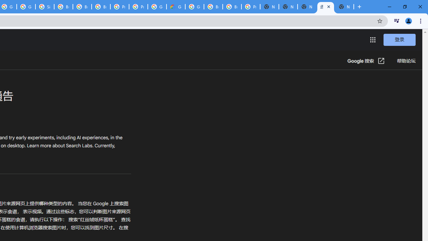  Describe the element at coordinates (64, 7) in the screenshot. I see `'Browse Chrome as a guest - Computer - Google Chrome Help'` at that location.